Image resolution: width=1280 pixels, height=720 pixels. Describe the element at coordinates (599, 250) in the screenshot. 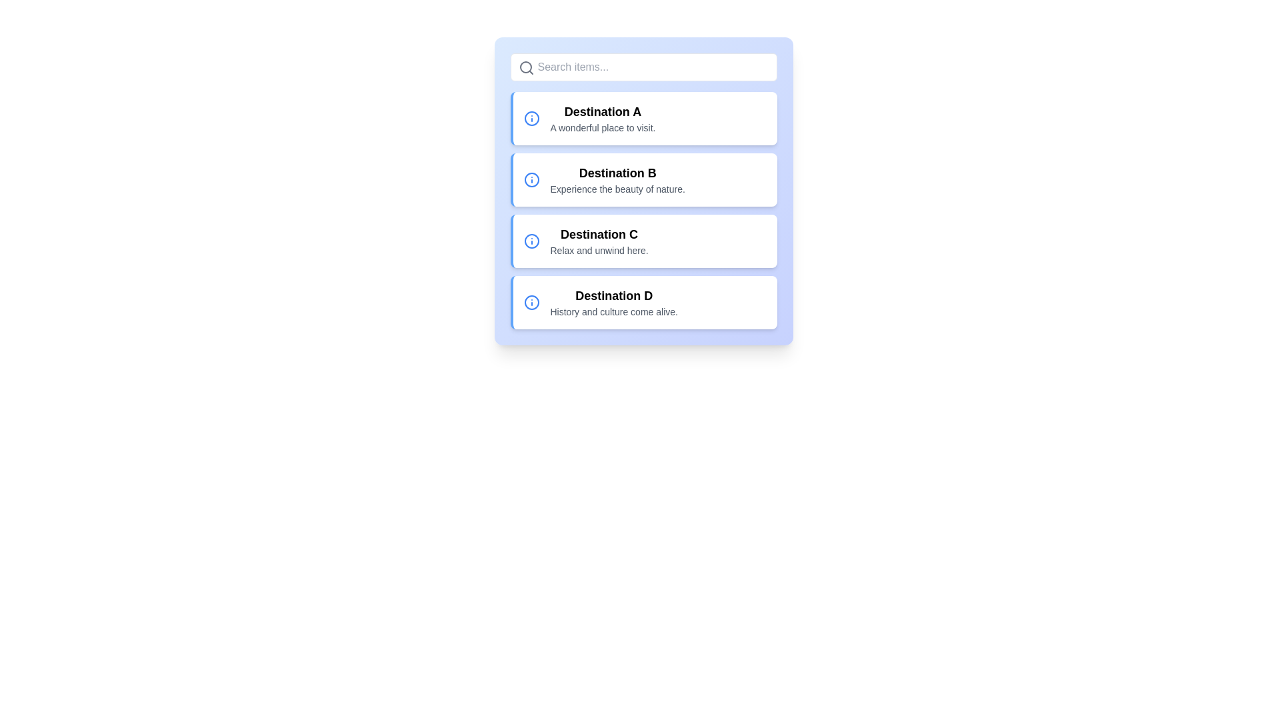

I see `the text component displaying 'Relax and unwind here.' which is located below 'Destination C' in the vertical list of destinations` at that location.